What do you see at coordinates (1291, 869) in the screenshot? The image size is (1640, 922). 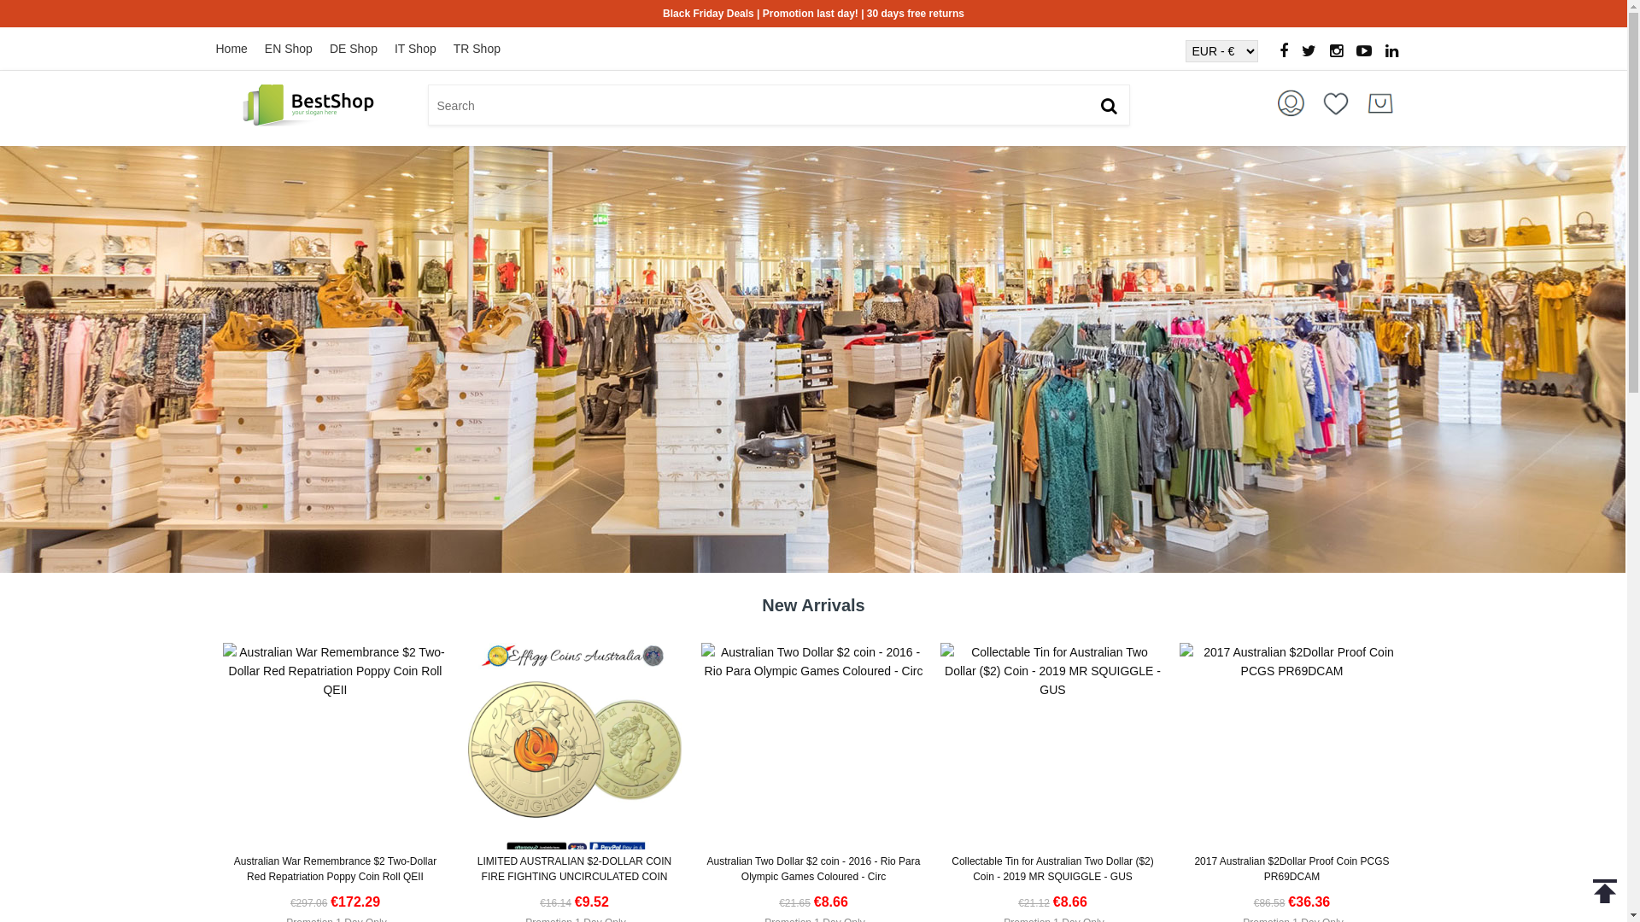 I see `'2017 Australian $2Dollar Proof Coin PCGS PR69DCAM'` at bounding box center [1291, 869].